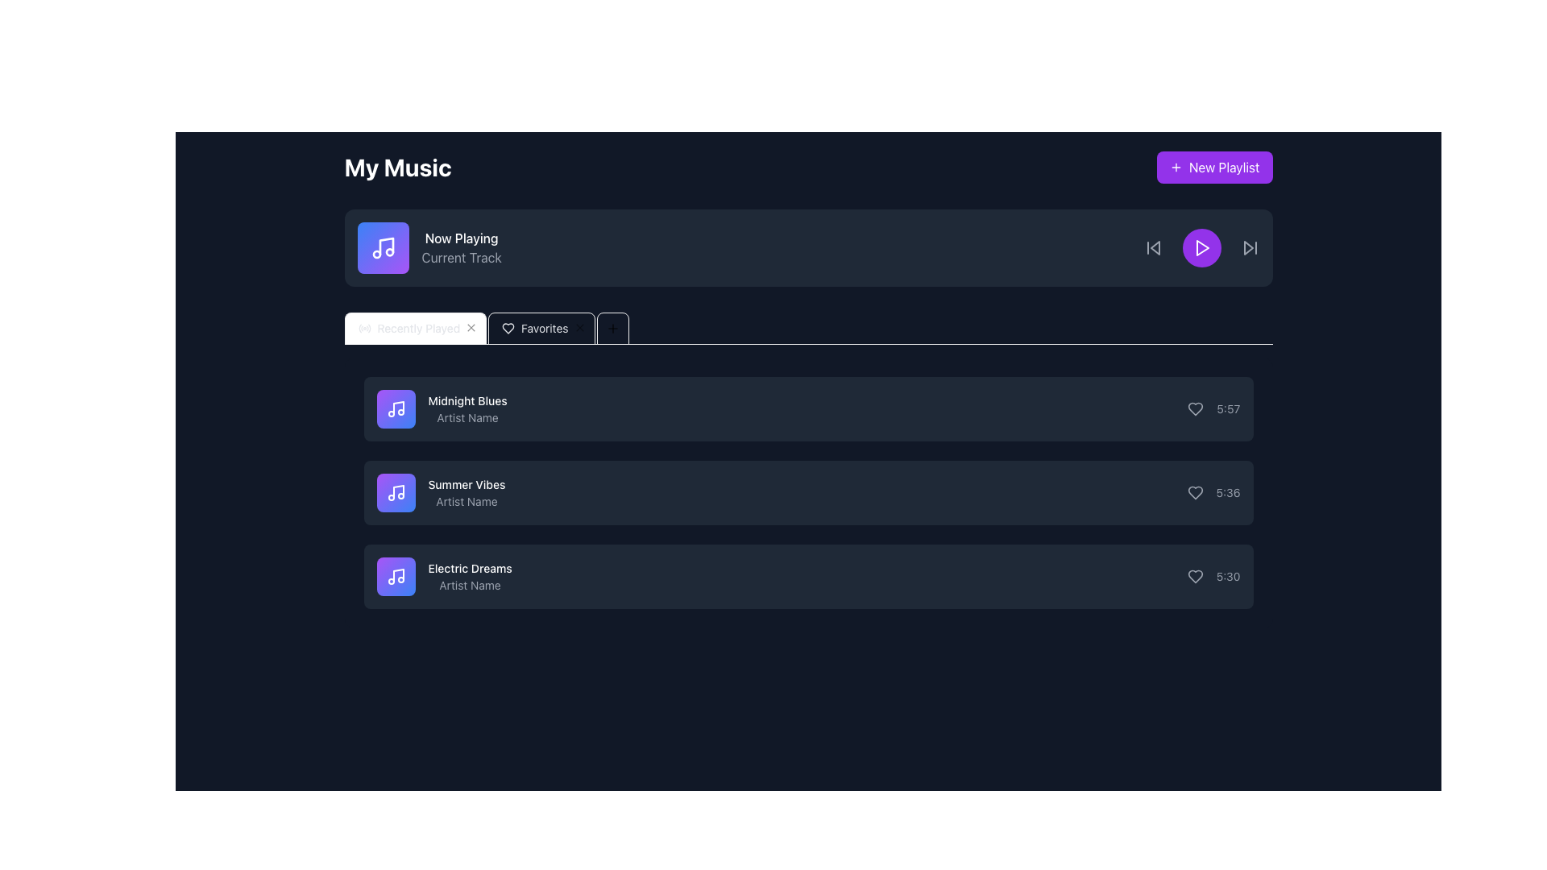  I want to click on the heart icon in the bottom-right corner of the 'Electric Dreams' track to favorite or unfavorite the track, so click(1195, 576).